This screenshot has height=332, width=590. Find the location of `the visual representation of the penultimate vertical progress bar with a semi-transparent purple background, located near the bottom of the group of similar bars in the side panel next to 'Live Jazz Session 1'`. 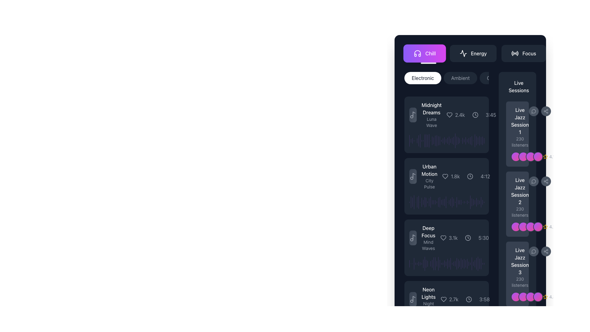

the visual representation of the penultimate vertical progress bar with a semi-transparent purple background, located near the bottom of the group of similar bars in the side panel next to 'Live Jazz Session 1' is located at coordinates (482, 202).